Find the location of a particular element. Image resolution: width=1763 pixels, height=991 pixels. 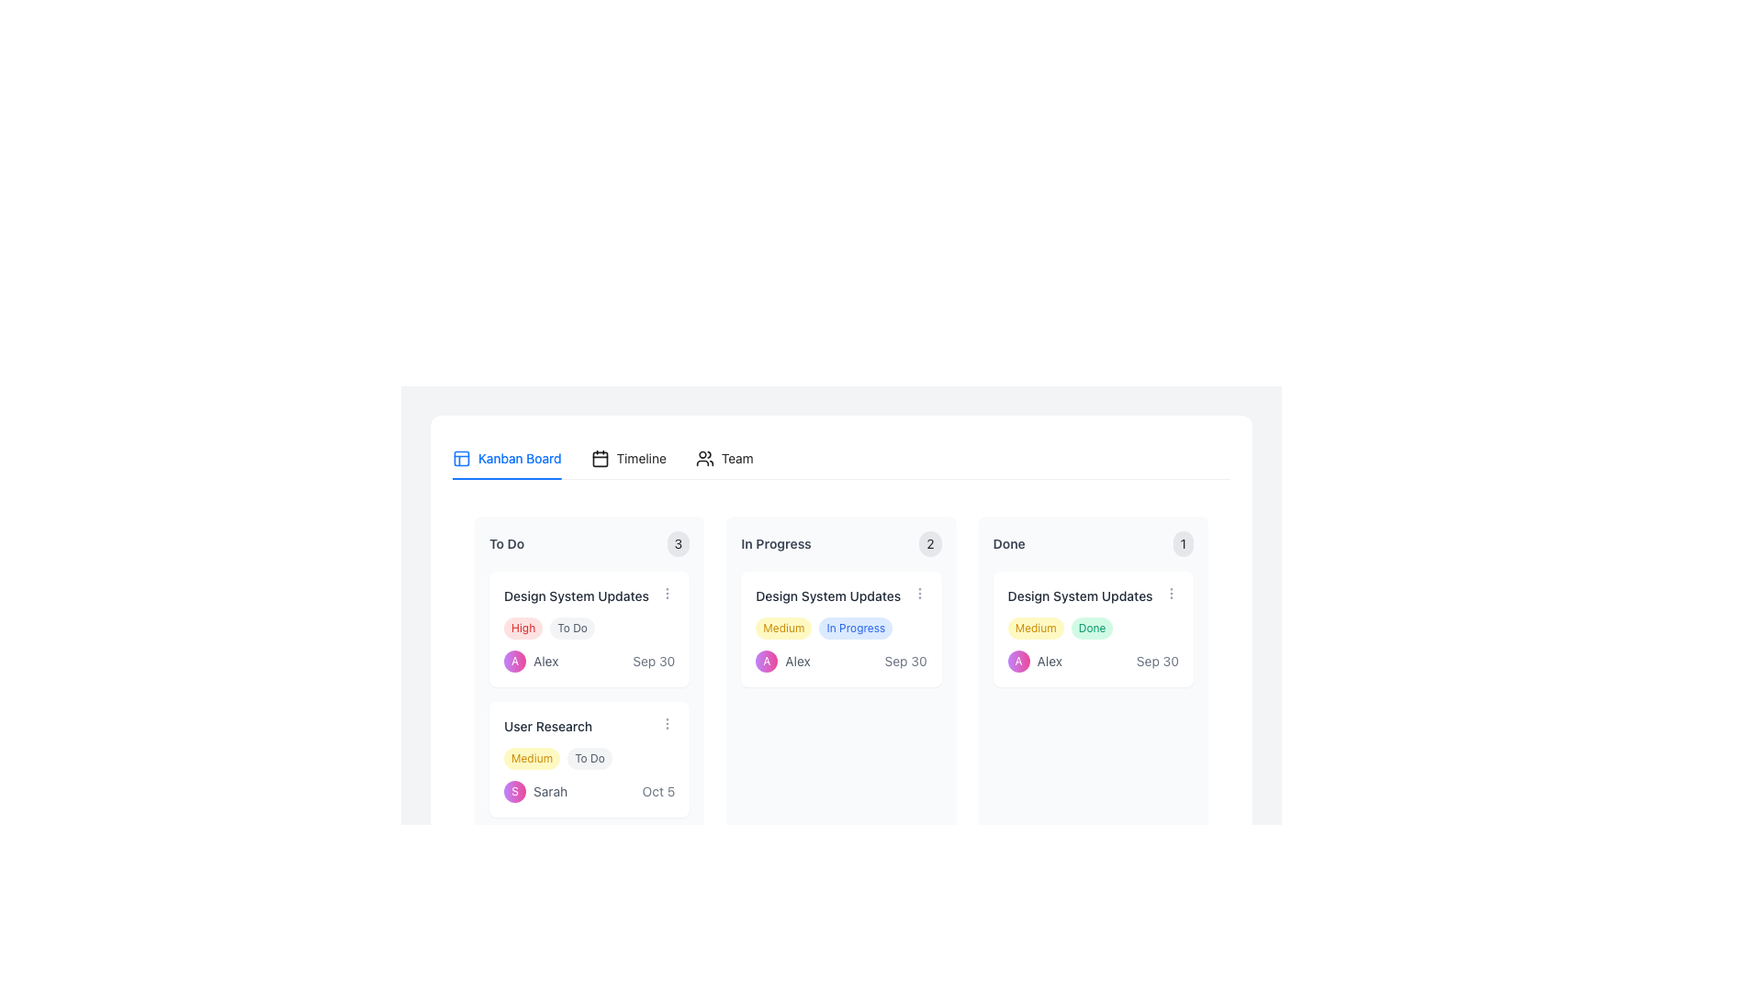

the Kanban Board icon located in the top navigation area, positioned to the left of the 'Kanban Board' text is located at coordinates (462, 458).